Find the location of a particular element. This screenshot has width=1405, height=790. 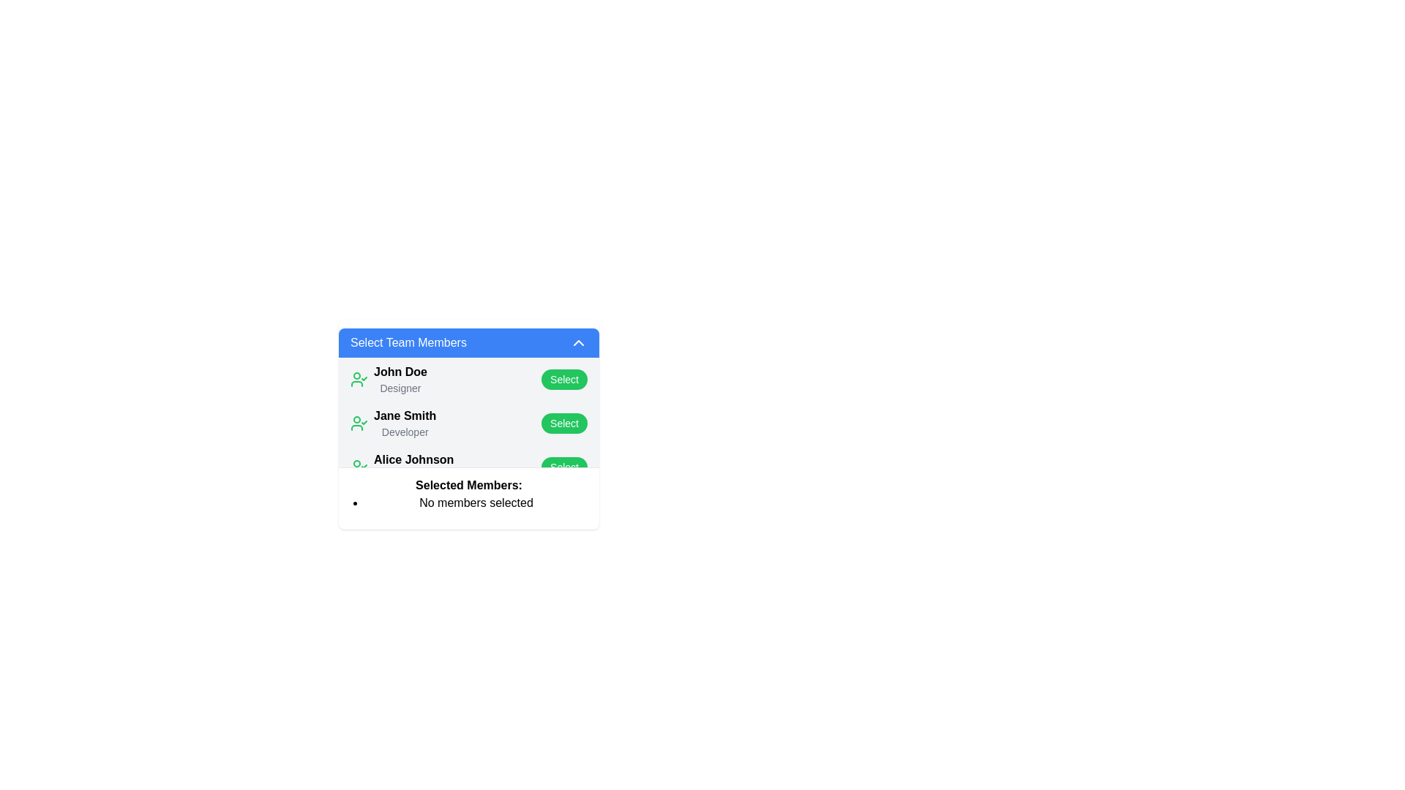

the text display element showing 'John Doe' and 'Designer', which is located at the top of the team members list, with a green user icon to the left is located at coordinates (389, 379).